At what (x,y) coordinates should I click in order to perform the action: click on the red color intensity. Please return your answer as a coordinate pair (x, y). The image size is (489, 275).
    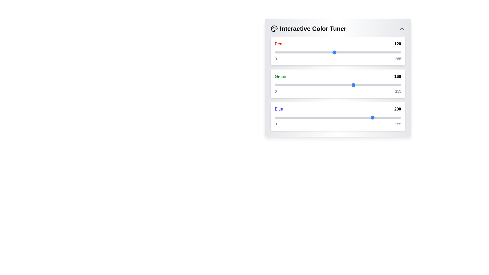
    Looking at the image, I should click on (277, 52).